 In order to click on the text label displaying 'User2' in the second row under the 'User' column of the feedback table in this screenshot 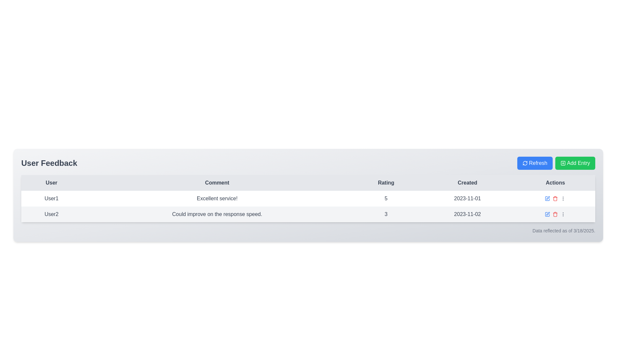, I will do `click(51, 214)`.